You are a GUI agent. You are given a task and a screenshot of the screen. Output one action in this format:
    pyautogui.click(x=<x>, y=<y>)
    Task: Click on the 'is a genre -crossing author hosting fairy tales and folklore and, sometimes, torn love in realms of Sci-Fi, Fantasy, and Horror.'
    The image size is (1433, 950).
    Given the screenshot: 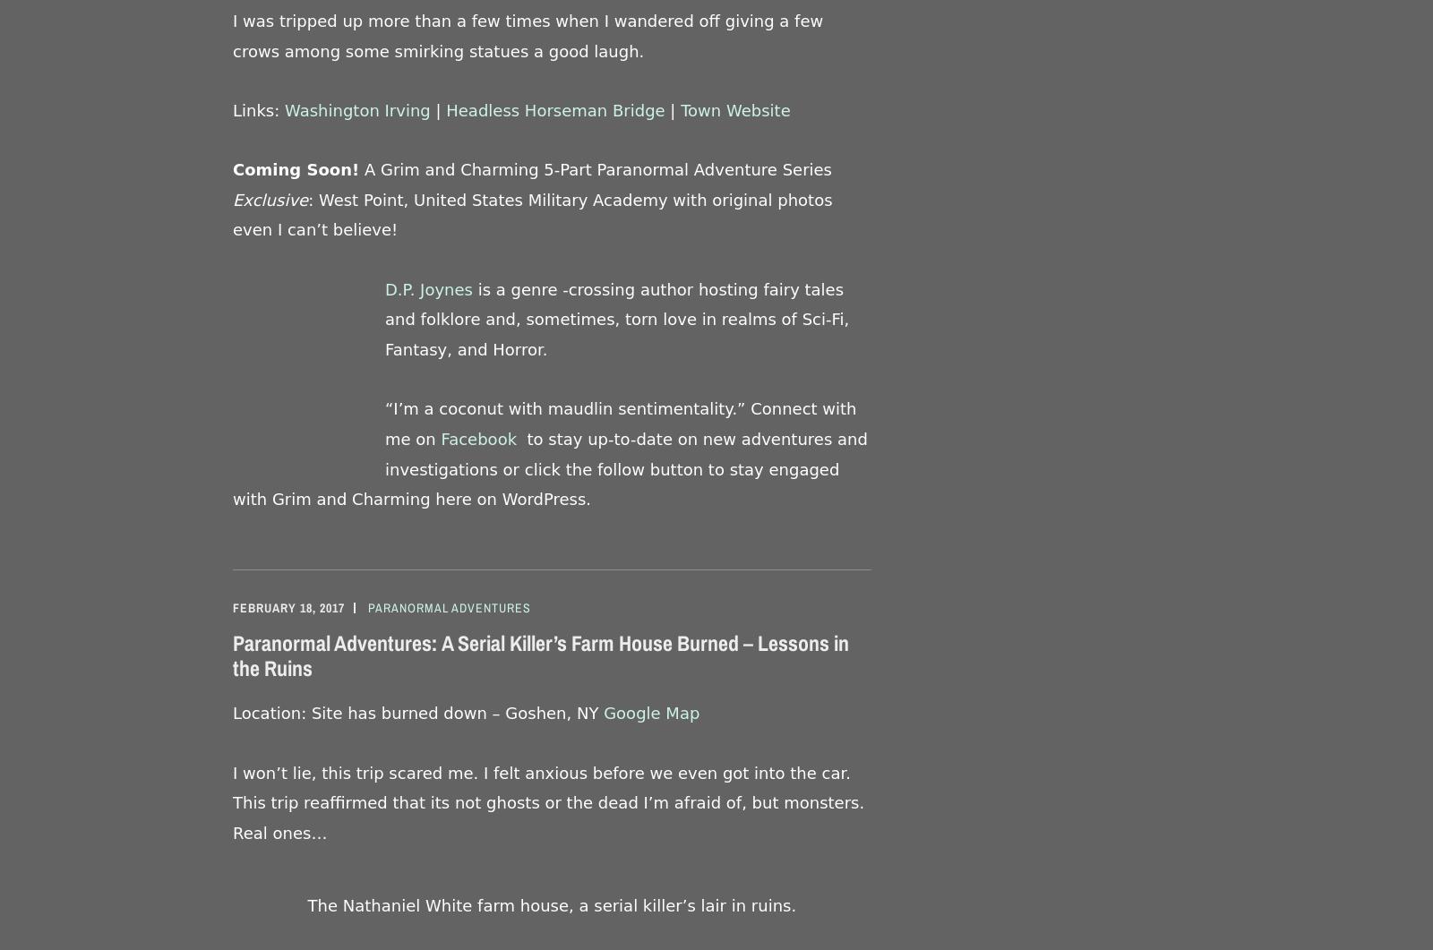 What is the action you would take?
    pyautogui.click(x=616, y=319)
    